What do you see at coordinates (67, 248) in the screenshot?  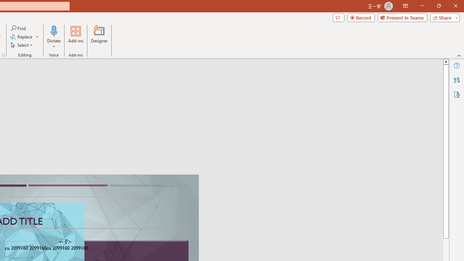 I see `'TextBox 61'` at bounding box center [67, 248].